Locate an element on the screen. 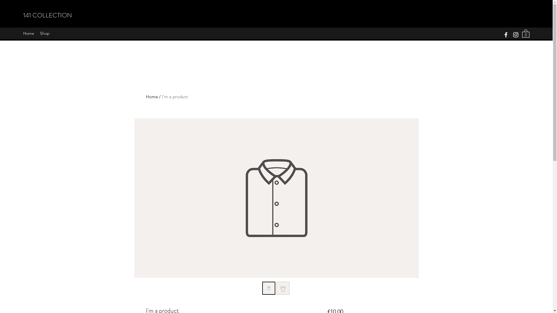 This screenshot has width=557, height=313. 'Shop' is located at coordinates (44, 33).